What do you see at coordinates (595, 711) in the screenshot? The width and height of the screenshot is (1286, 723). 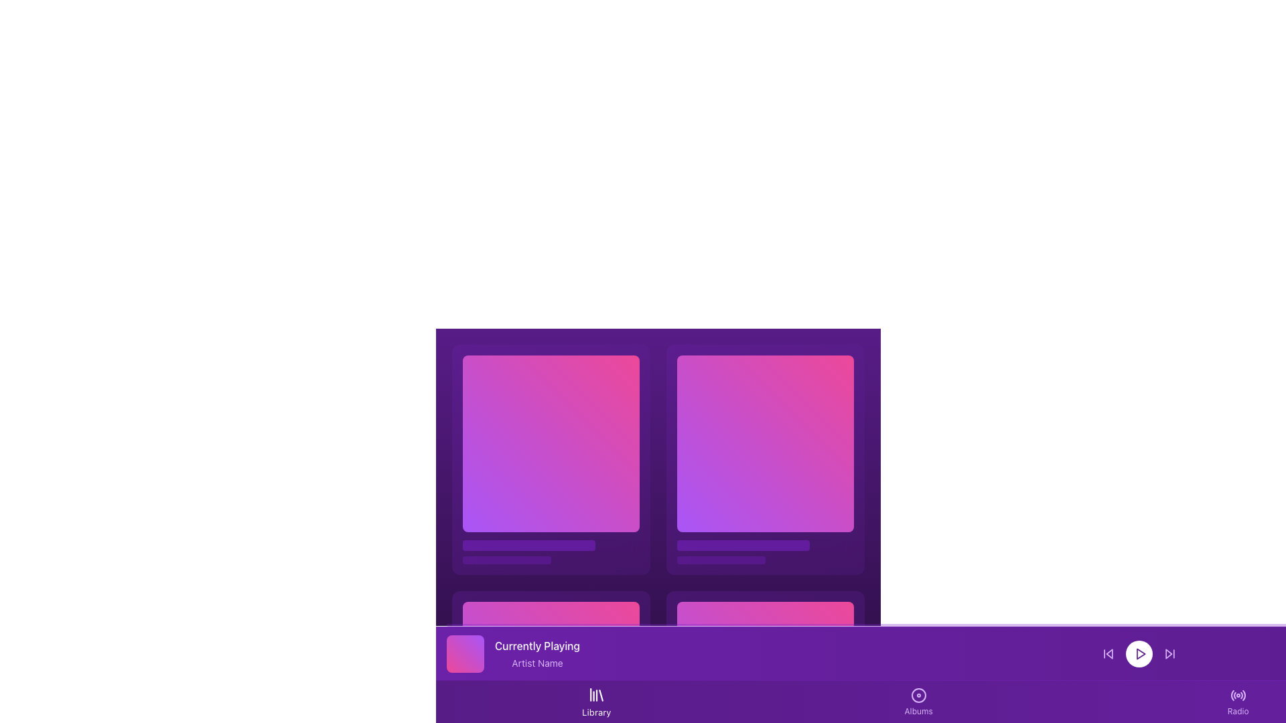 I see `text label displaying 'Library' that is styled in white text on a purple background, located at the bottom of the application interface in the navigation bar` at bounding box center [595, 711].